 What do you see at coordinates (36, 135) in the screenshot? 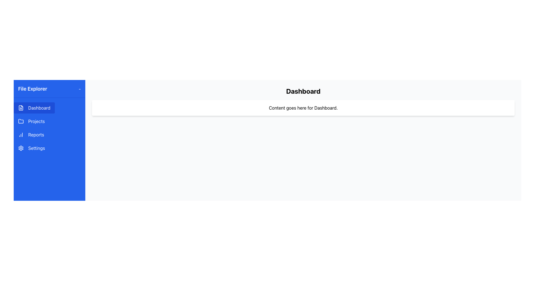
I see `the 'Reports' text label, which is styled with white text on a blue background and located in the vertical navigation sidebar, to potentially reveal additional options` at bounding box center [36, 135].